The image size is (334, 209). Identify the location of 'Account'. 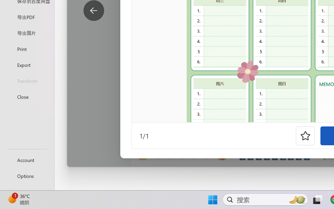
(27, 160).